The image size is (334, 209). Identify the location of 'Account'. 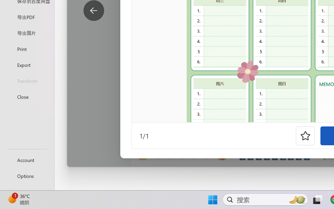
(27, 160).